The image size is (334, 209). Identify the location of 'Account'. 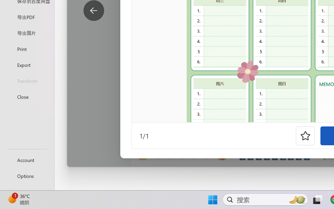
(27, 160).